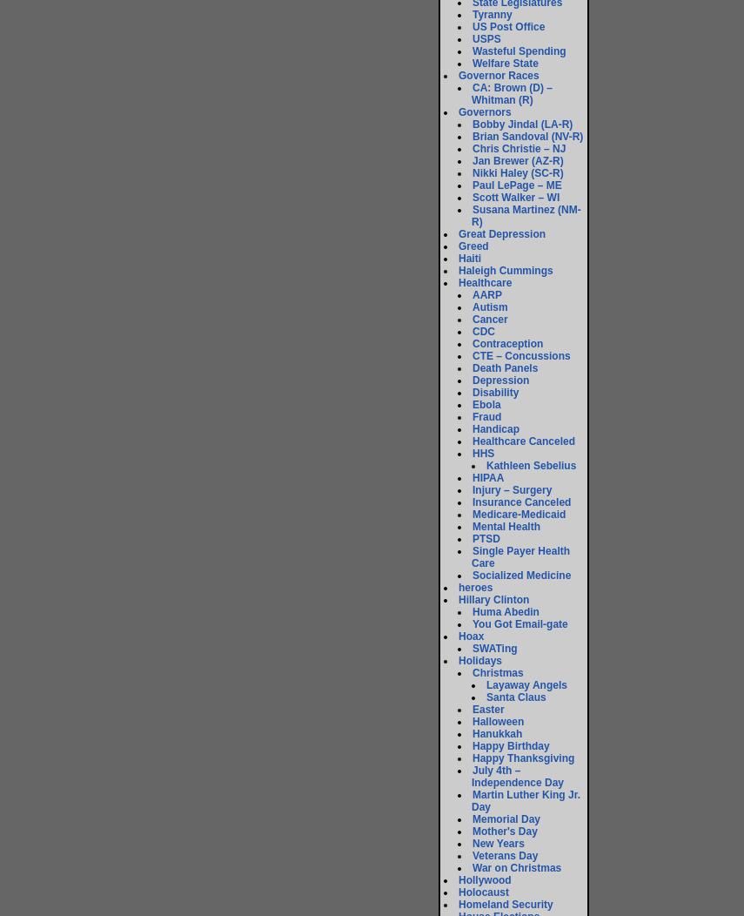 The height and width of the screenshot is (916, 744). Describe the element at coordinates (517, 776) in the screenshot. I see `'July 4th – Independence Day'` at that location.